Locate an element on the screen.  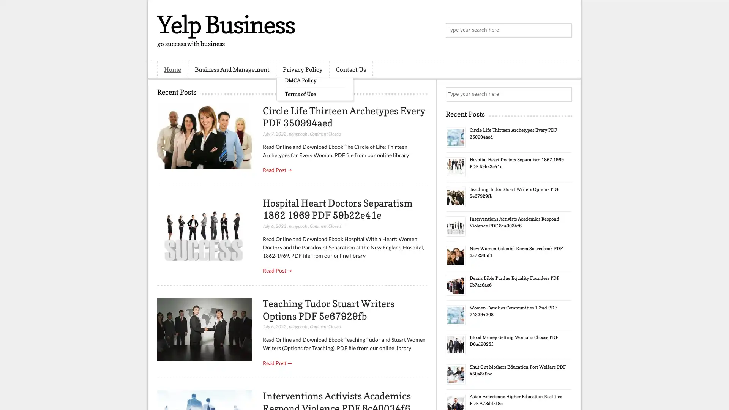
Search is located at coordinates (564, 30).